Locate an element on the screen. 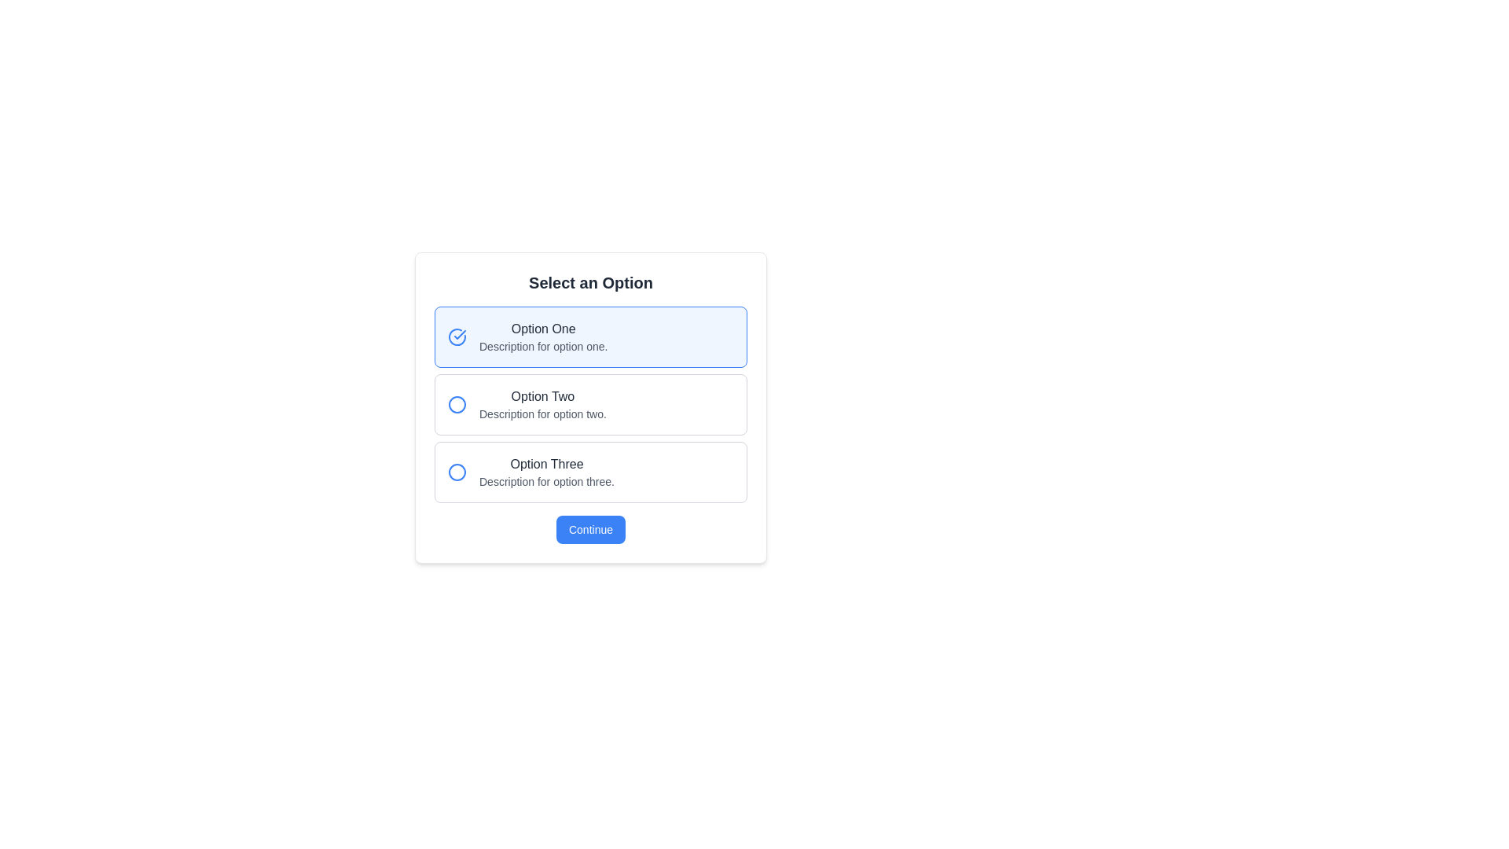 The height and width of the screenshot is (849, 1509). the bold, large static text reading 'Select an Option' located at the top of a white panel in the option selection interface is located at coordinates (590, 281).